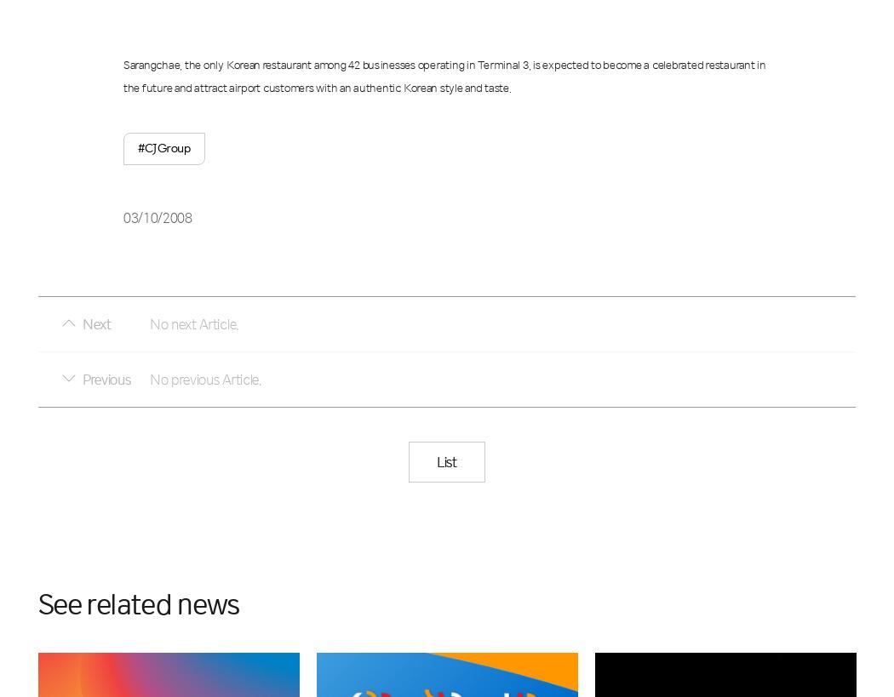  What do you see at coordinates (158, 216) in the screenshot?
I see `'03/10/2008'` at bounding box center [158, 216].